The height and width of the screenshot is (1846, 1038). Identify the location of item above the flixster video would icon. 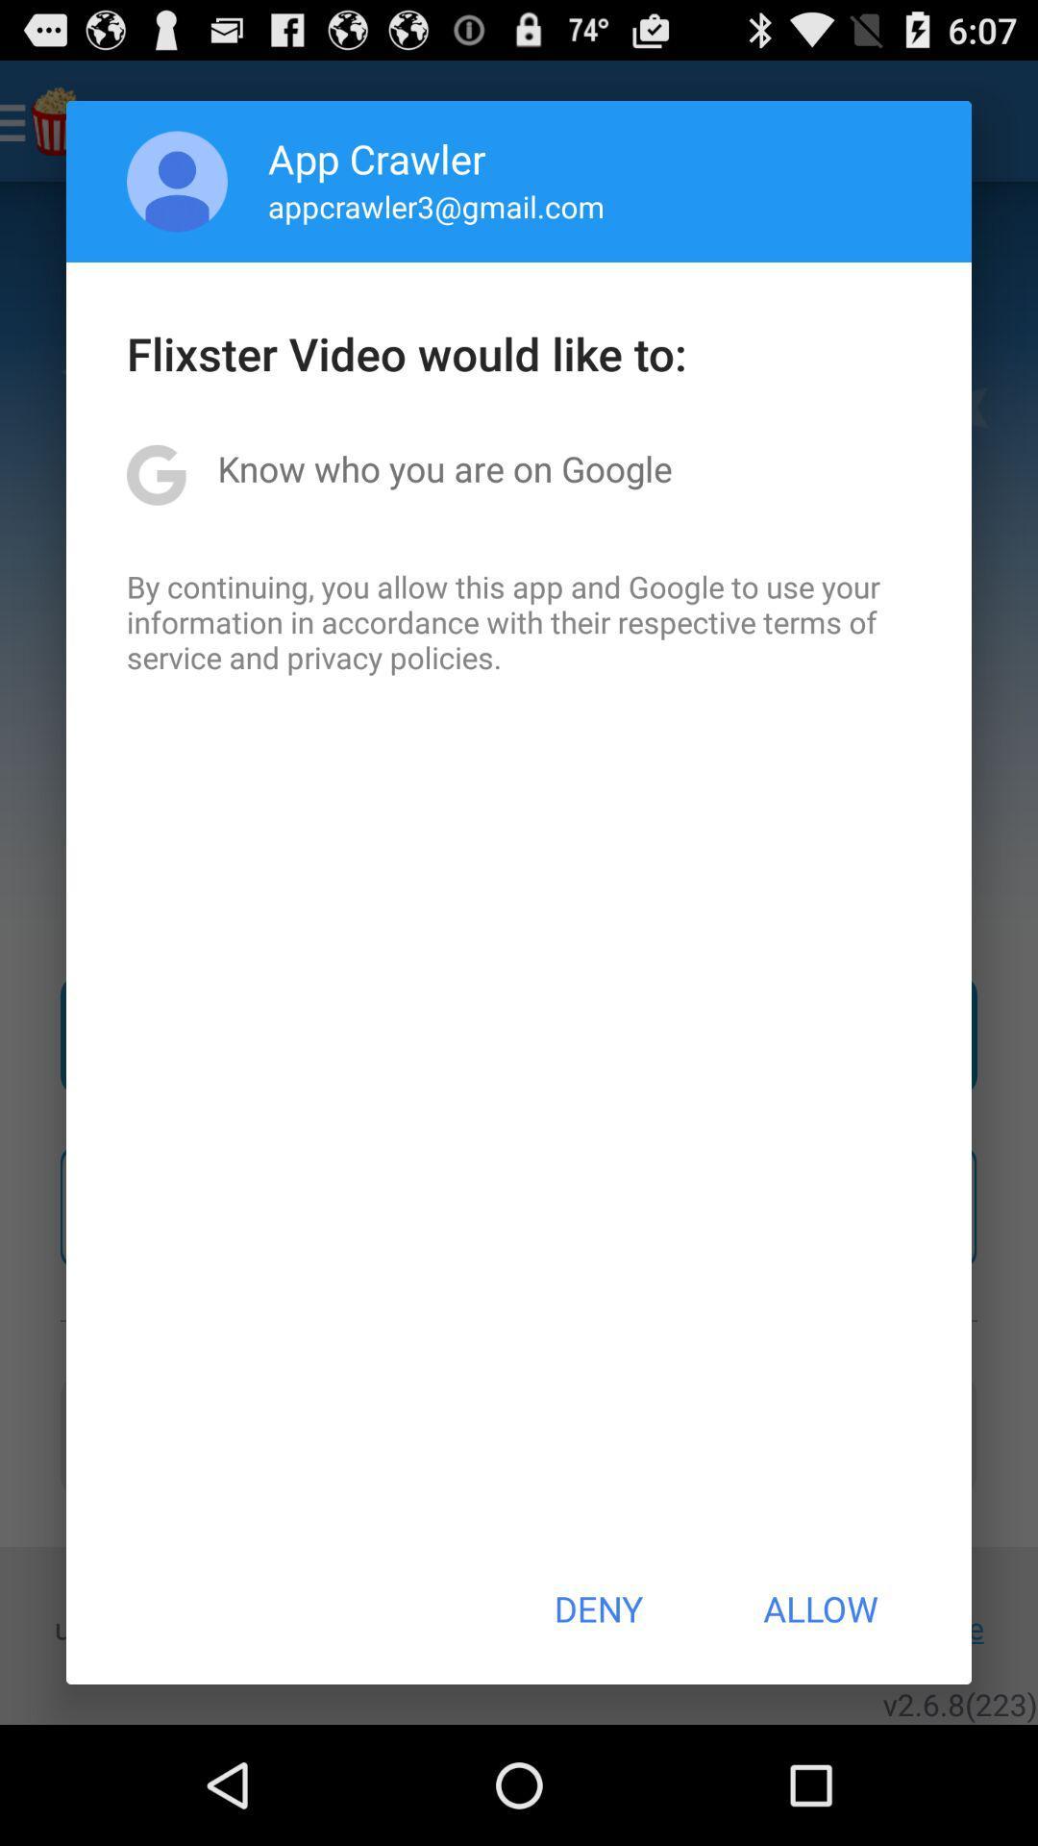
(436, 206).